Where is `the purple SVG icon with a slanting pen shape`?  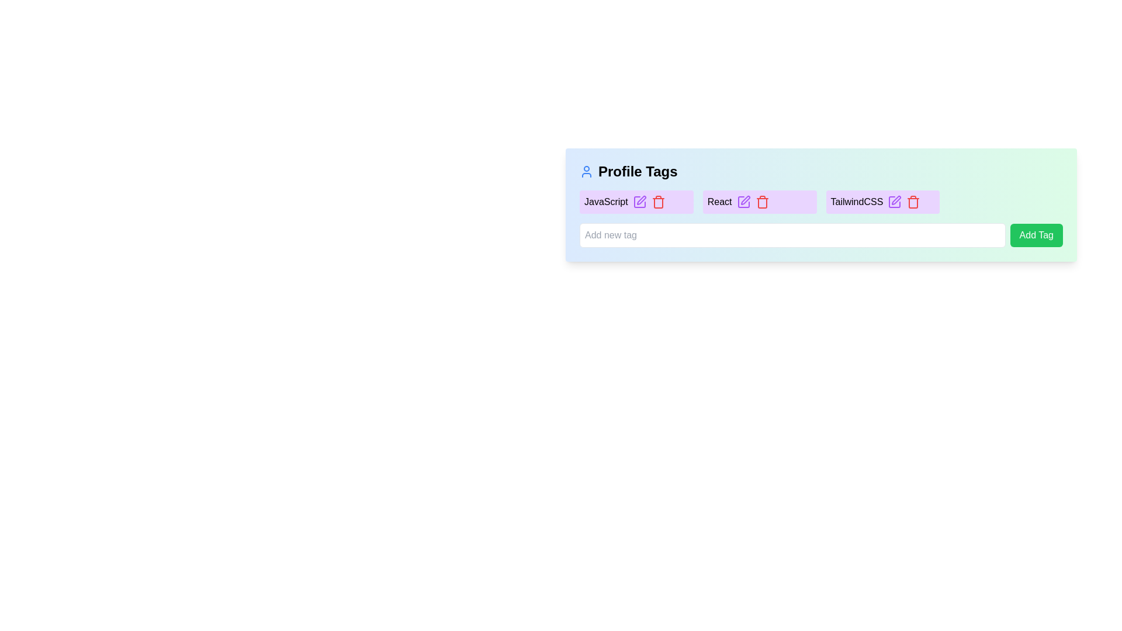 the purple SVG icon with a slanting pen shape is located at coordinates (743, 202).